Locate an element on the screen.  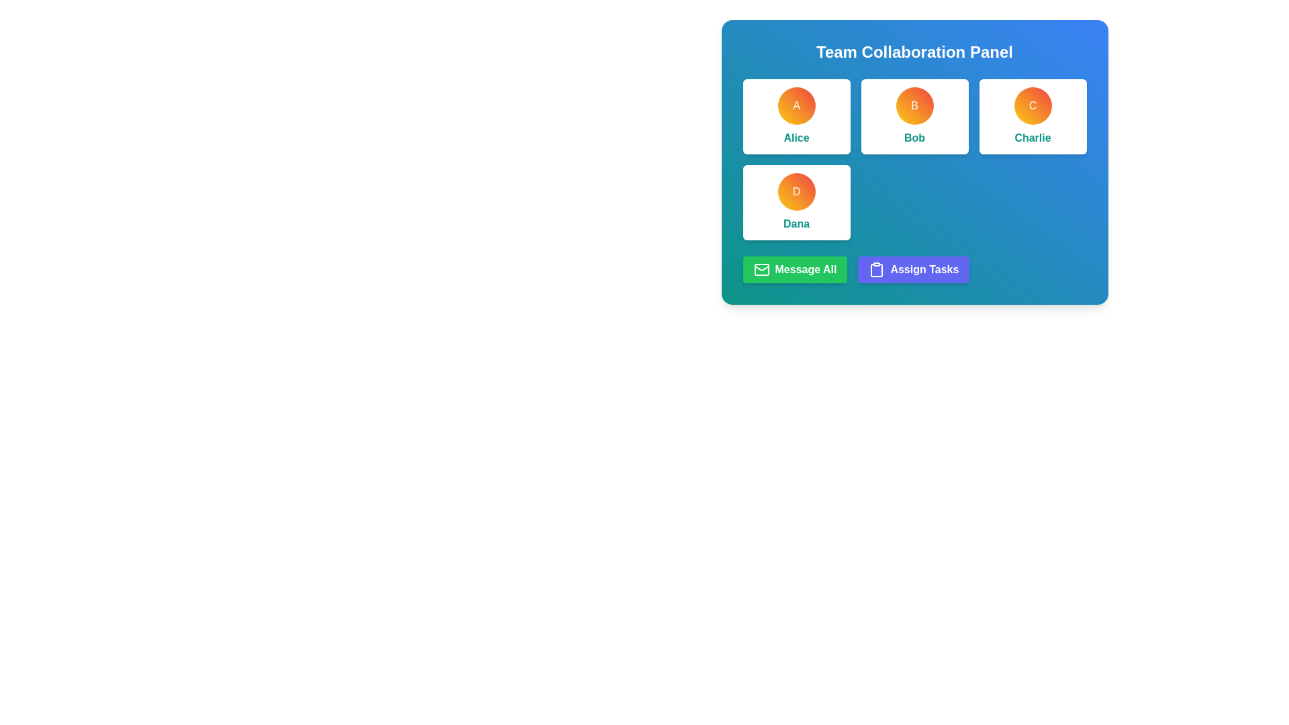
the text label displaying the name 'Charlie' in teal color, located within the white card in the 'Team Collaboration Panel' is located at coordinates (1032, 138).